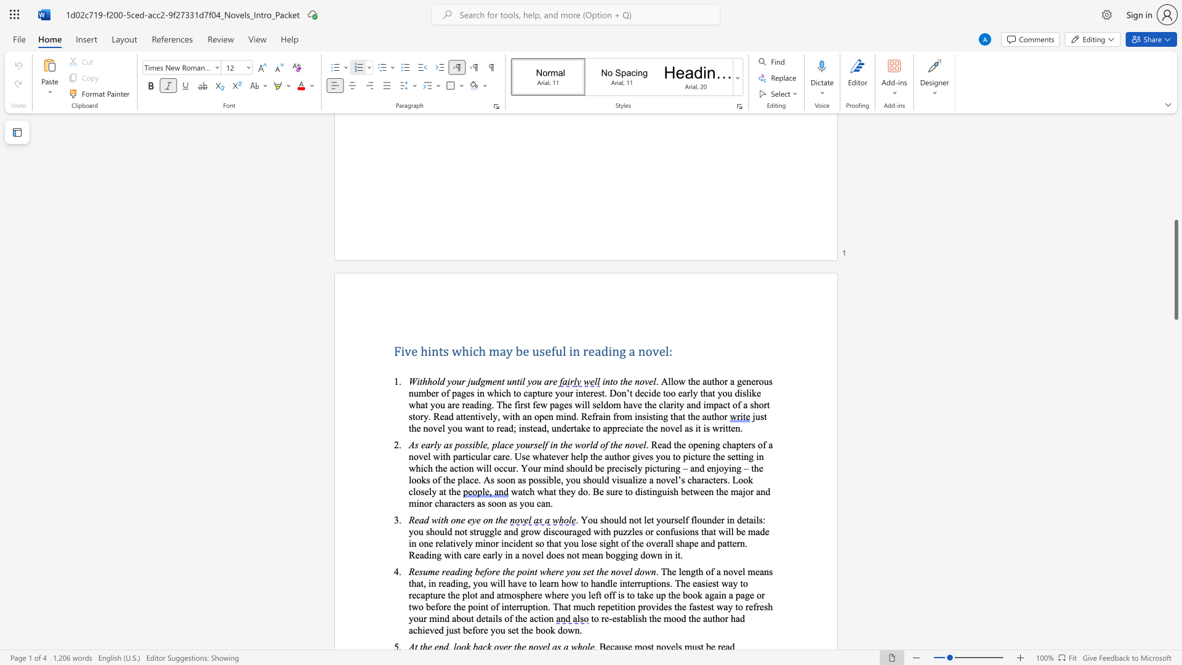  What do you see at coordinates (526, 351) in the screenshot?
I see `the 2th character "e" in the text` at bounding box center [526, 351].